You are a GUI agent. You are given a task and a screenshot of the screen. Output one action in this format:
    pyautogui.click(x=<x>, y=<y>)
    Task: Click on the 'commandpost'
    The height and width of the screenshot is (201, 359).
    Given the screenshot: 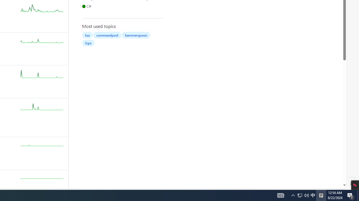 What is the action you would take?
    pyautogui.click(x=107, y=35)
    